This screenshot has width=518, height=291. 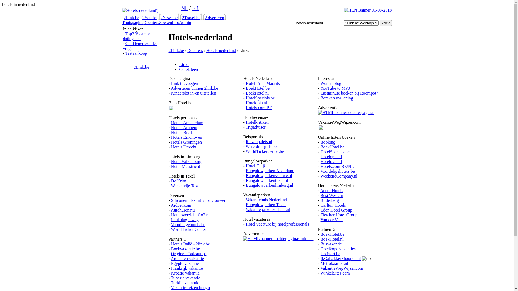 What do you see at coordinates (185, 8) in the screenshot?
I see `'NL'` at bounding box center [185, 8].